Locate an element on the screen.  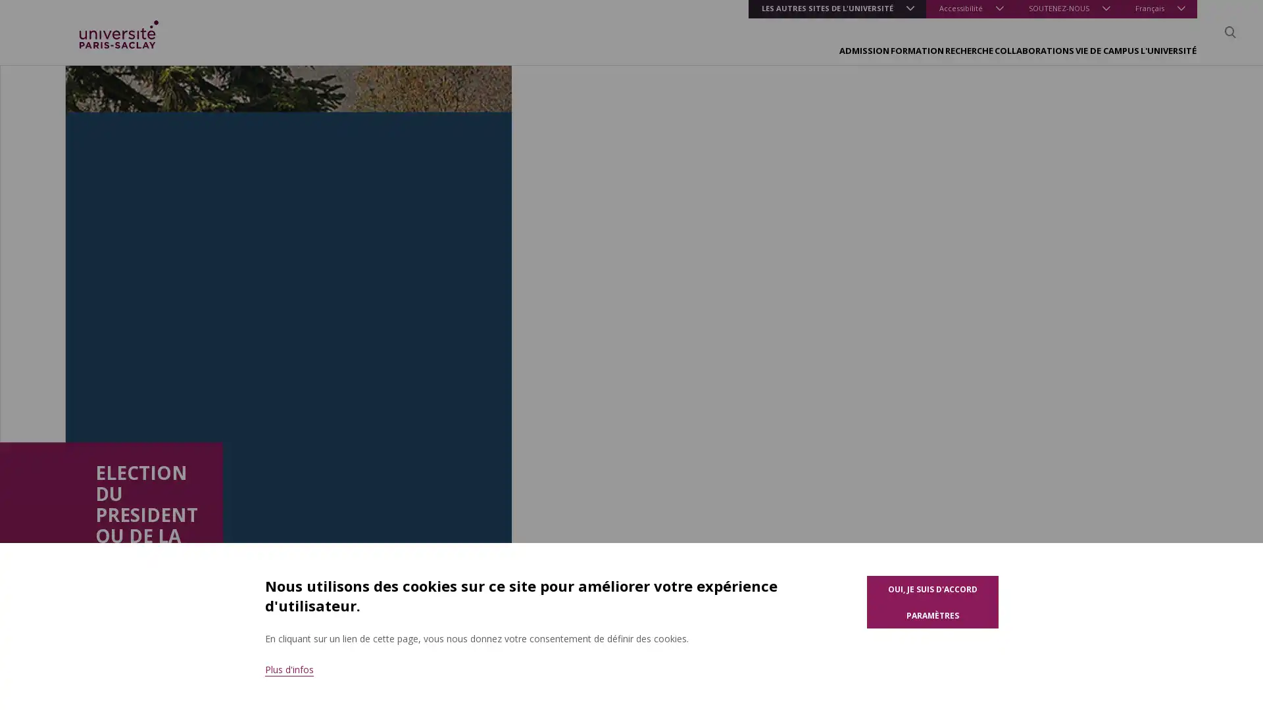
VIE DE CAMPUS is located at coordinates (1049, 45).